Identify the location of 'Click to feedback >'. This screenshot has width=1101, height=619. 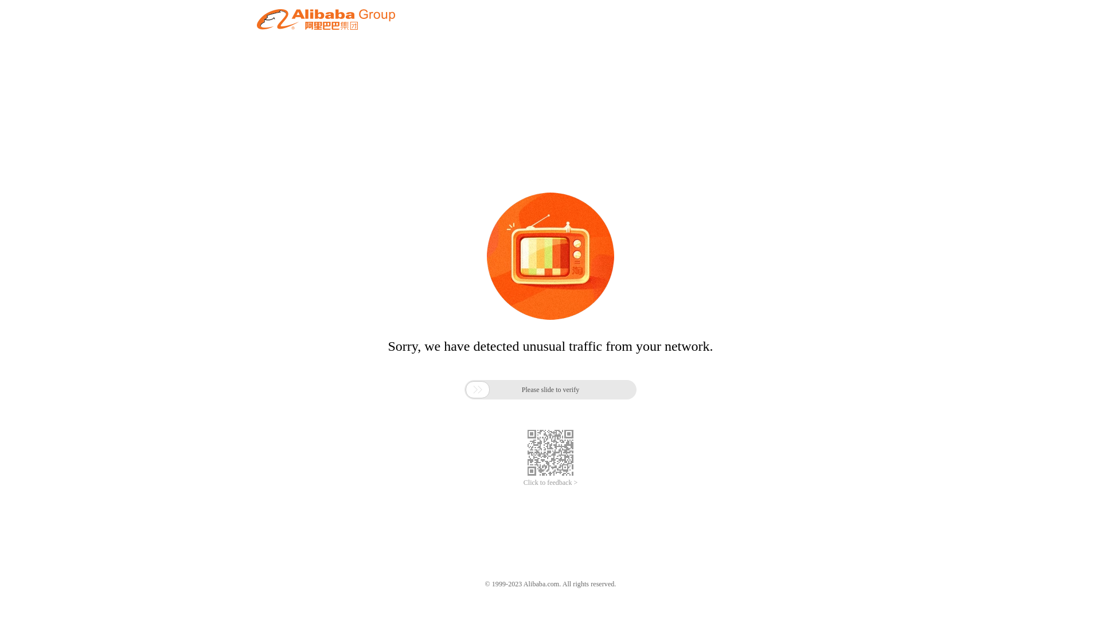
(550, 483).